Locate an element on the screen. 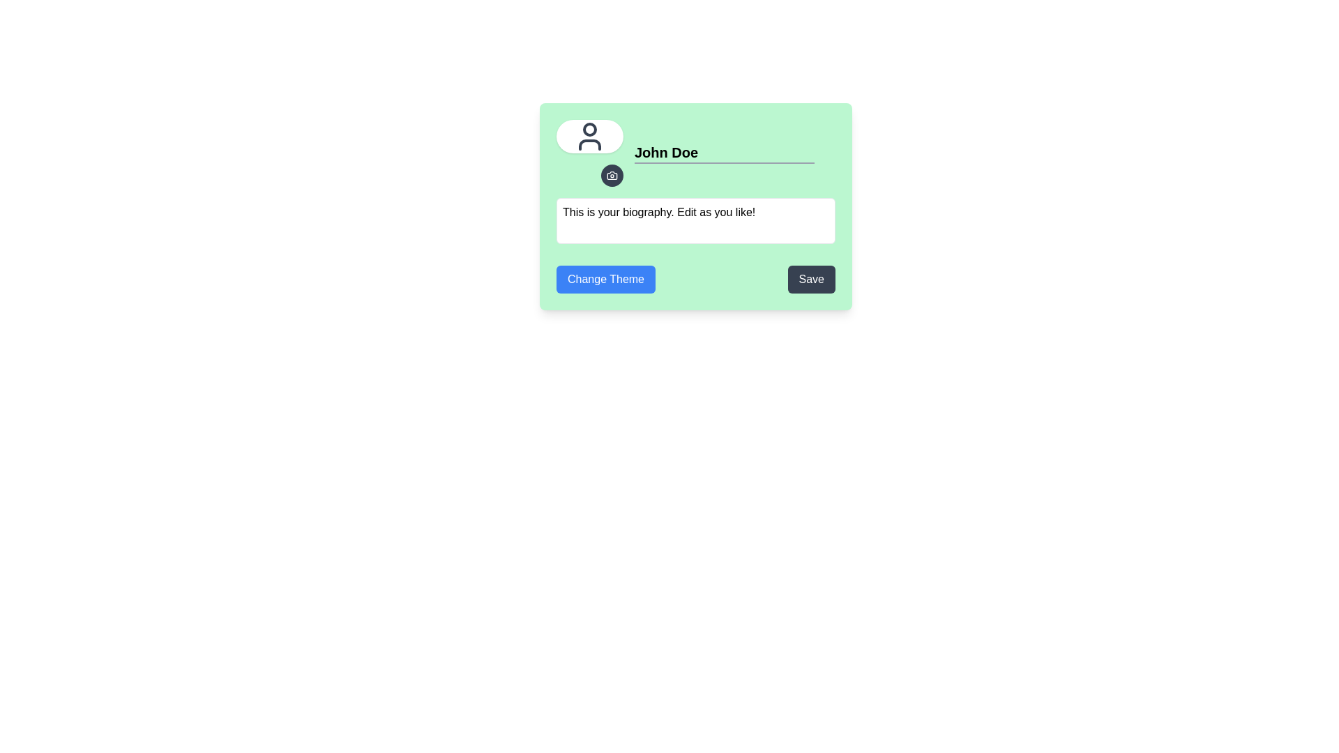  the 'Save' button, which is a rectangular button with rounded corners, featuring white text on a dark gray background, located at the bottom-right corner of a light green card UI component is located at coordinates (811, 280).